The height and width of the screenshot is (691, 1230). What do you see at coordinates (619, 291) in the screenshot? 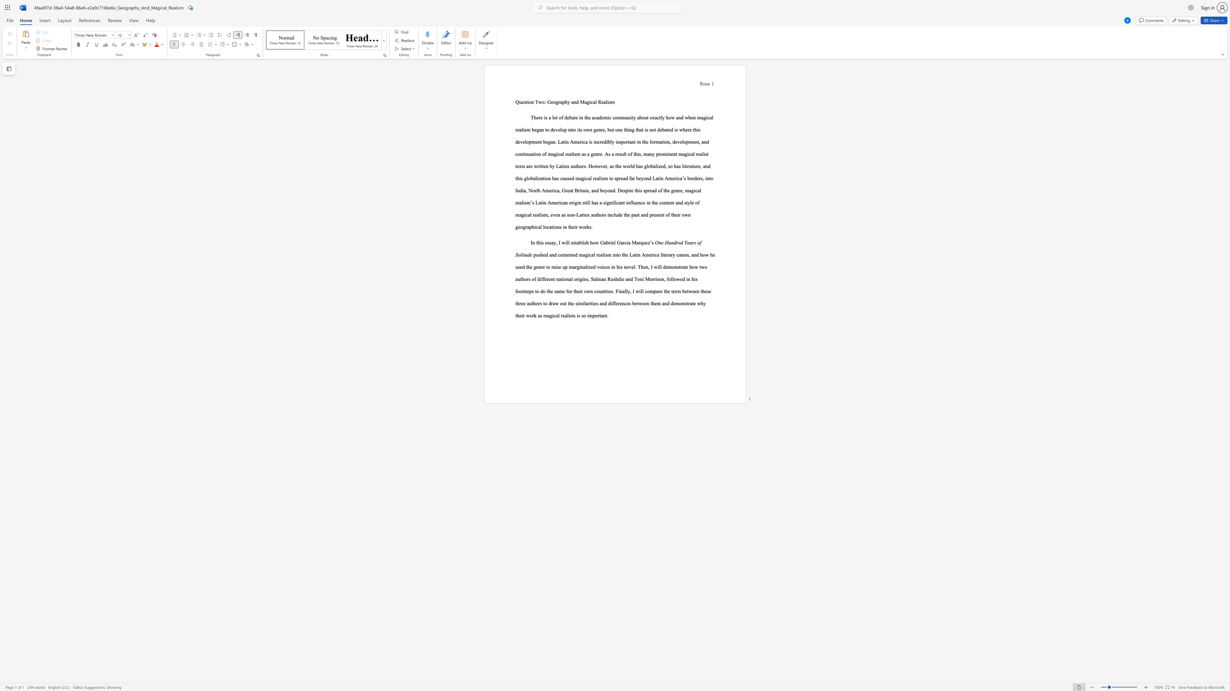
I see `the 3th character "i" in the text` at bounding box center [619, 291].